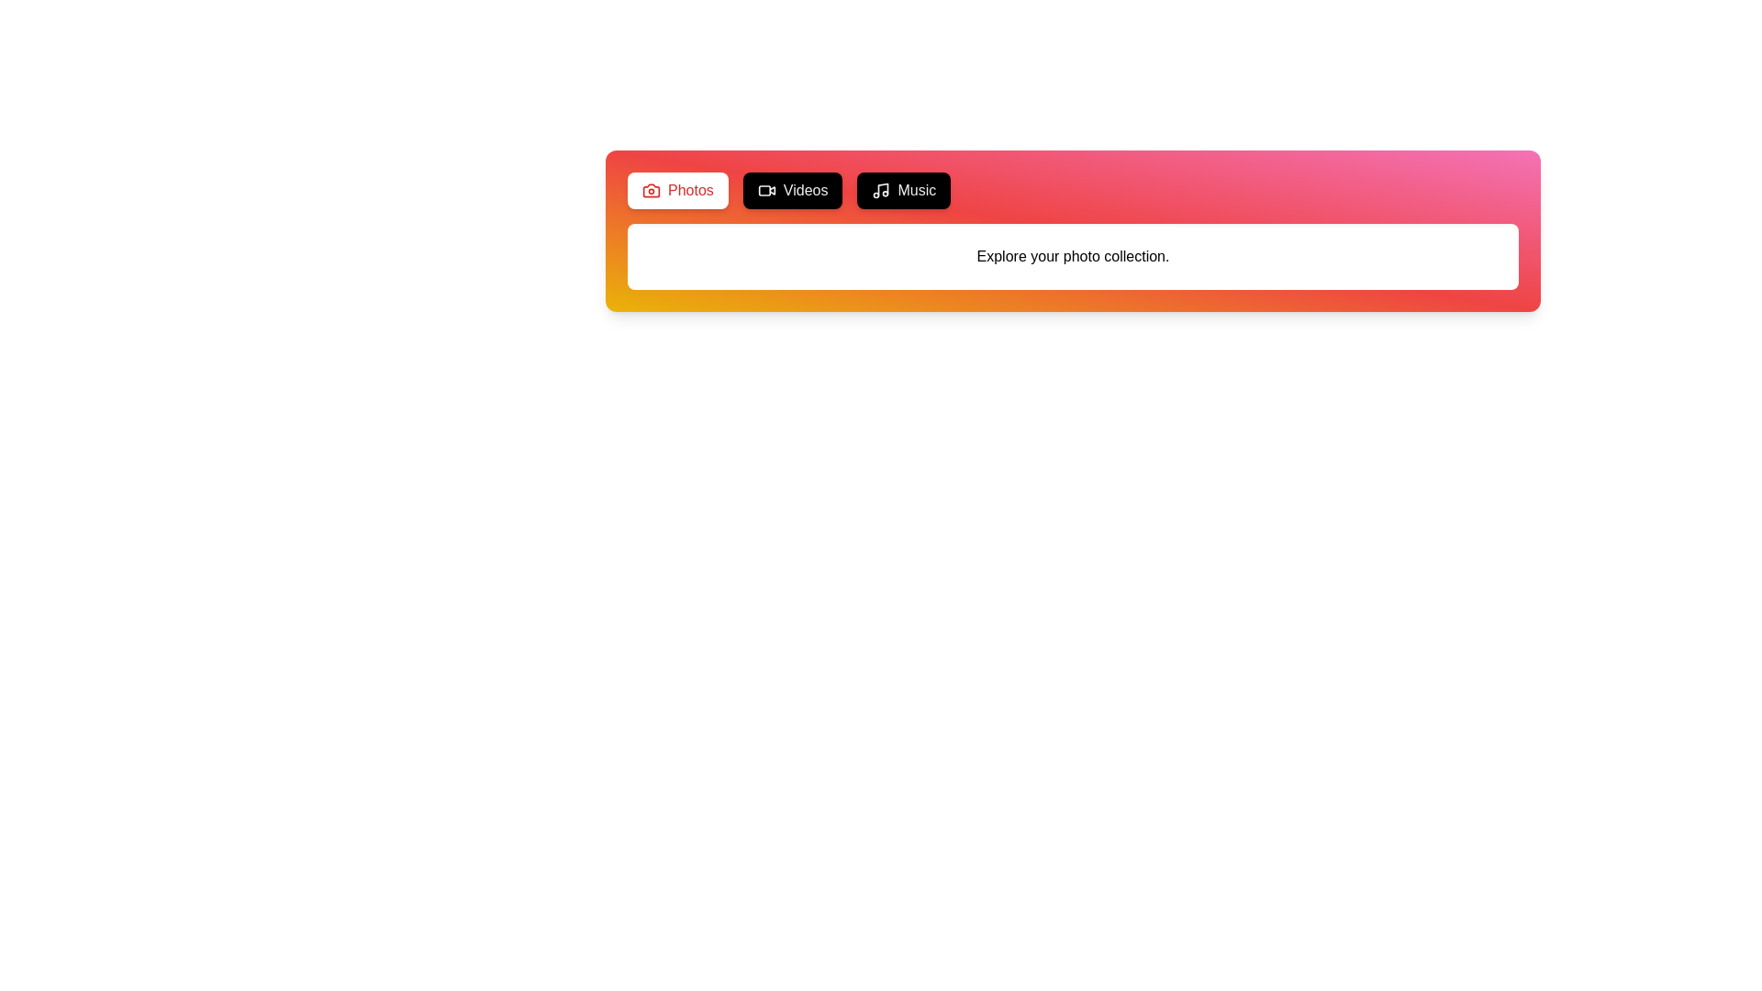 The image size is (1762, 991). I want to click on the Photos tab to view its content, so click(676, 191).